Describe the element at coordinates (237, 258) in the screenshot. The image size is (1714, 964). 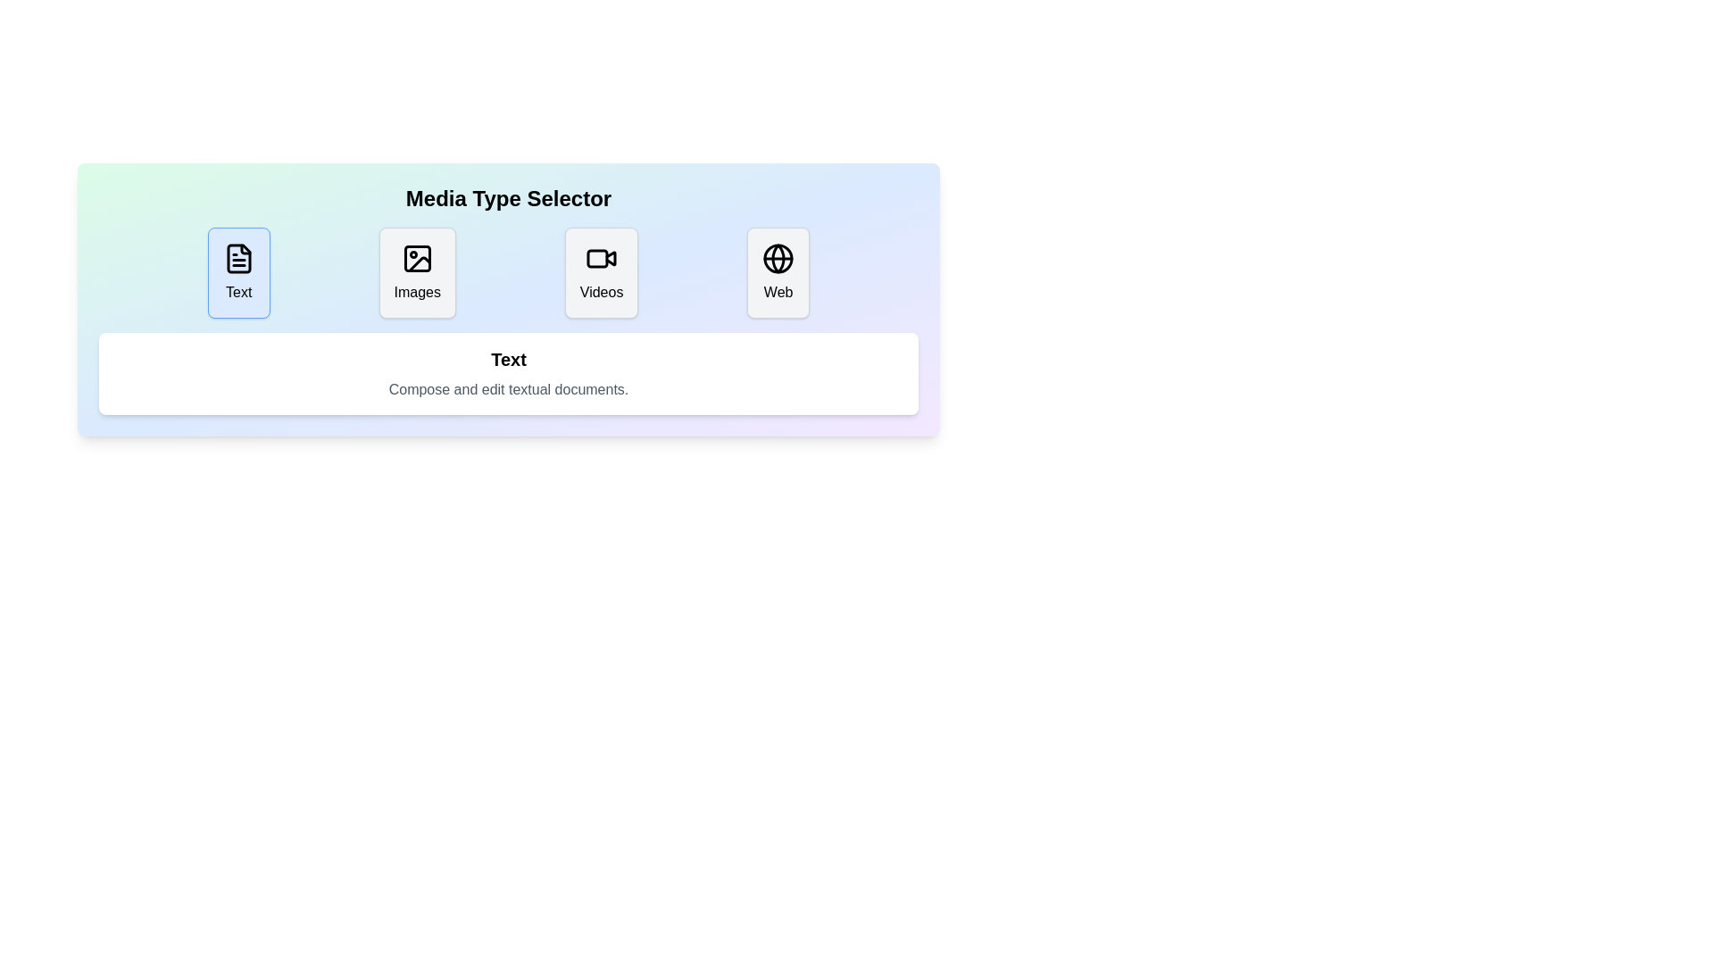
I see `the SVG icon representing the 'Text' media type category located in the leftmost button of a horizontally aligned set of four buttons` at that location.